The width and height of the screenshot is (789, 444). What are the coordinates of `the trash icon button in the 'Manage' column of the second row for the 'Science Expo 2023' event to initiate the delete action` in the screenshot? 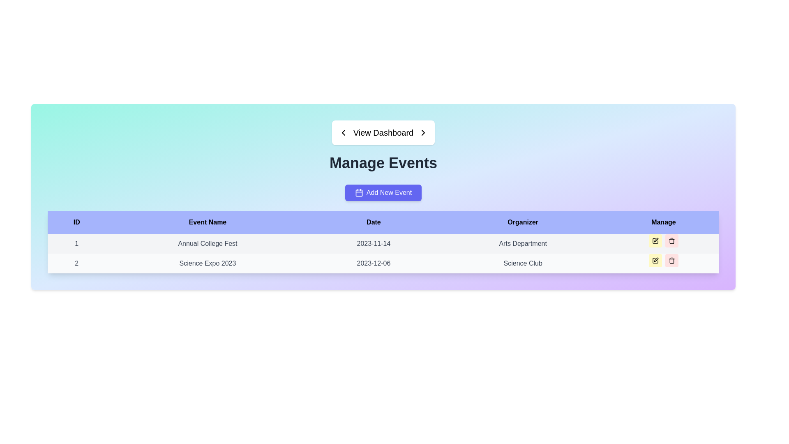 It's located at (671, 240).